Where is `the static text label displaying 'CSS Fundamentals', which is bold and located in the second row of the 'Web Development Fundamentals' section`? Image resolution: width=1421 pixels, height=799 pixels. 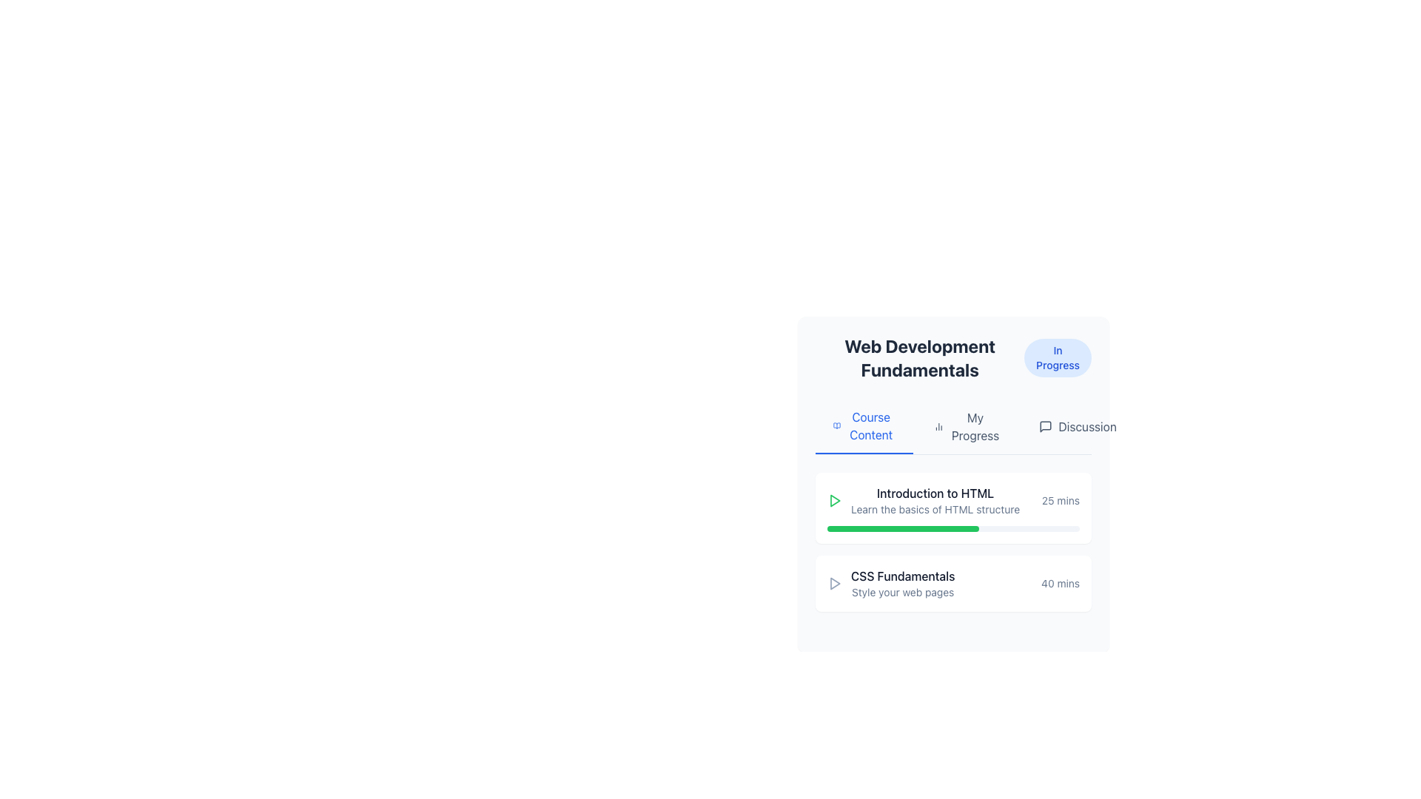
the static text label displaying 'CSS Fundamentals', which is bold and located in the second row of the 'Web Development Fundamentals' section is located at coordinates (902, 576).